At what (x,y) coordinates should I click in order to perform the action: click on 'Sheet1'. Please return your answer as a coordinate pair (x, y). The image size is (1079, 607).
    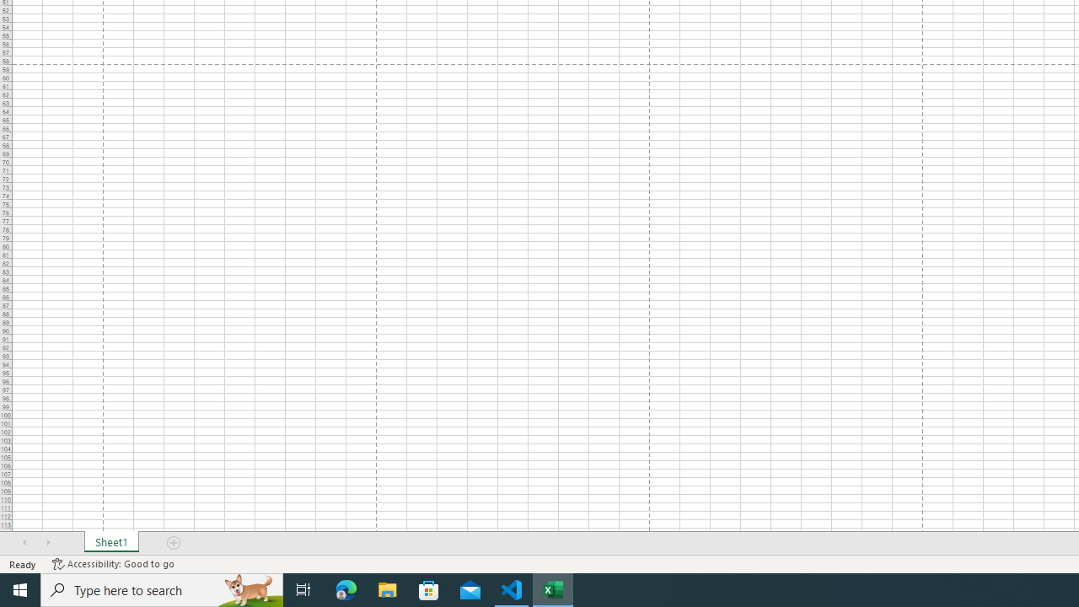
    Looking at the image, I should click on (110, 543).